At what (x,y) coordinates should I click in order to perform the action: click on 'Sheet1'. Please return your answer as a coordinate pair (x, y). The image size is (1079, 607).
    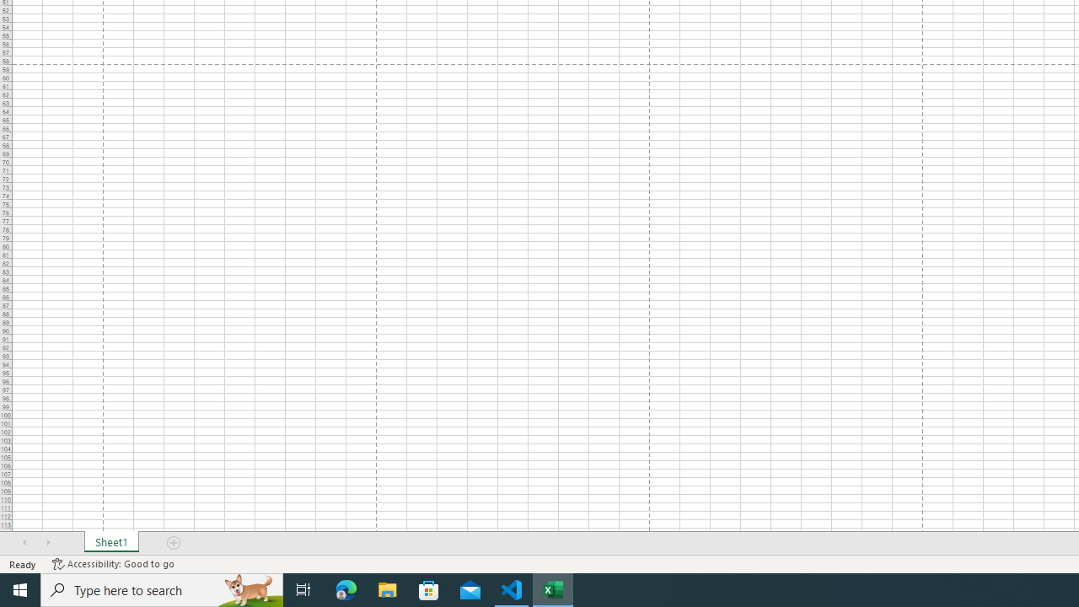
    Looking at the image, I should click on (110, 543).